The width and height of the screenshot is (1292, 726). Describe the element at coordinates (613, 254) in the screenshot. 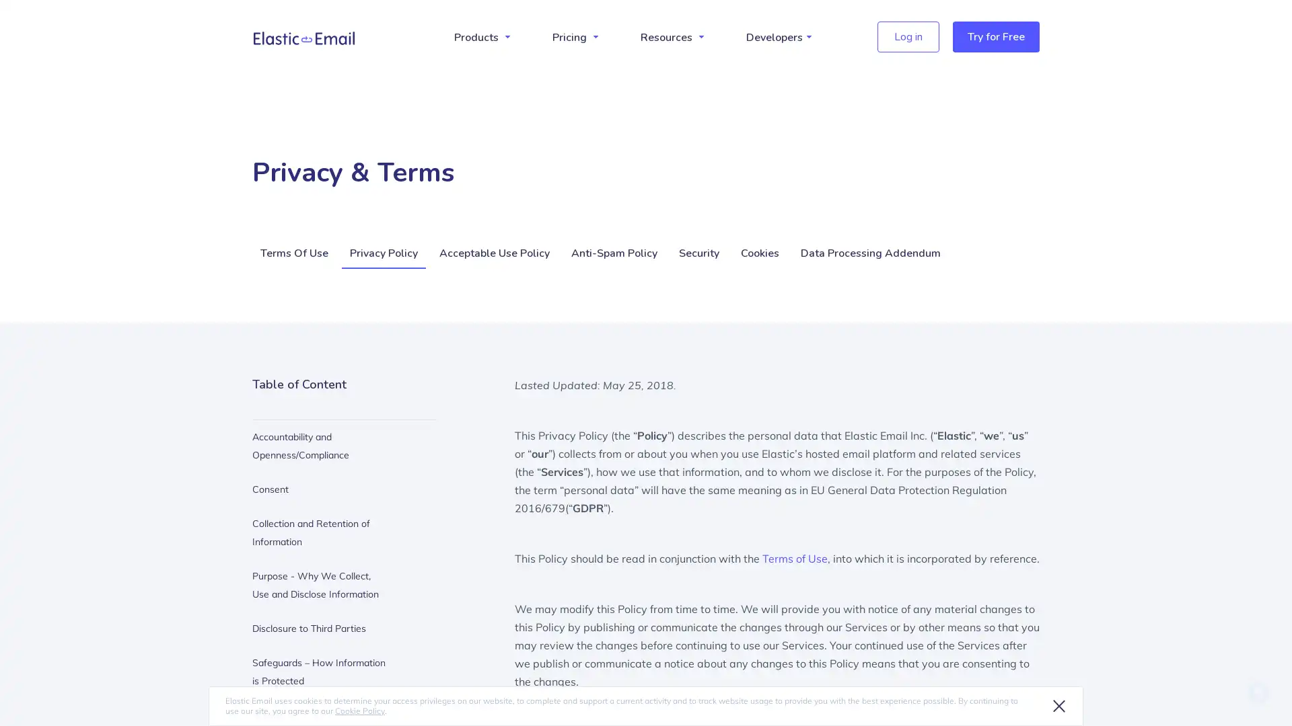

I see `Anti-Spam Policy` at that location.